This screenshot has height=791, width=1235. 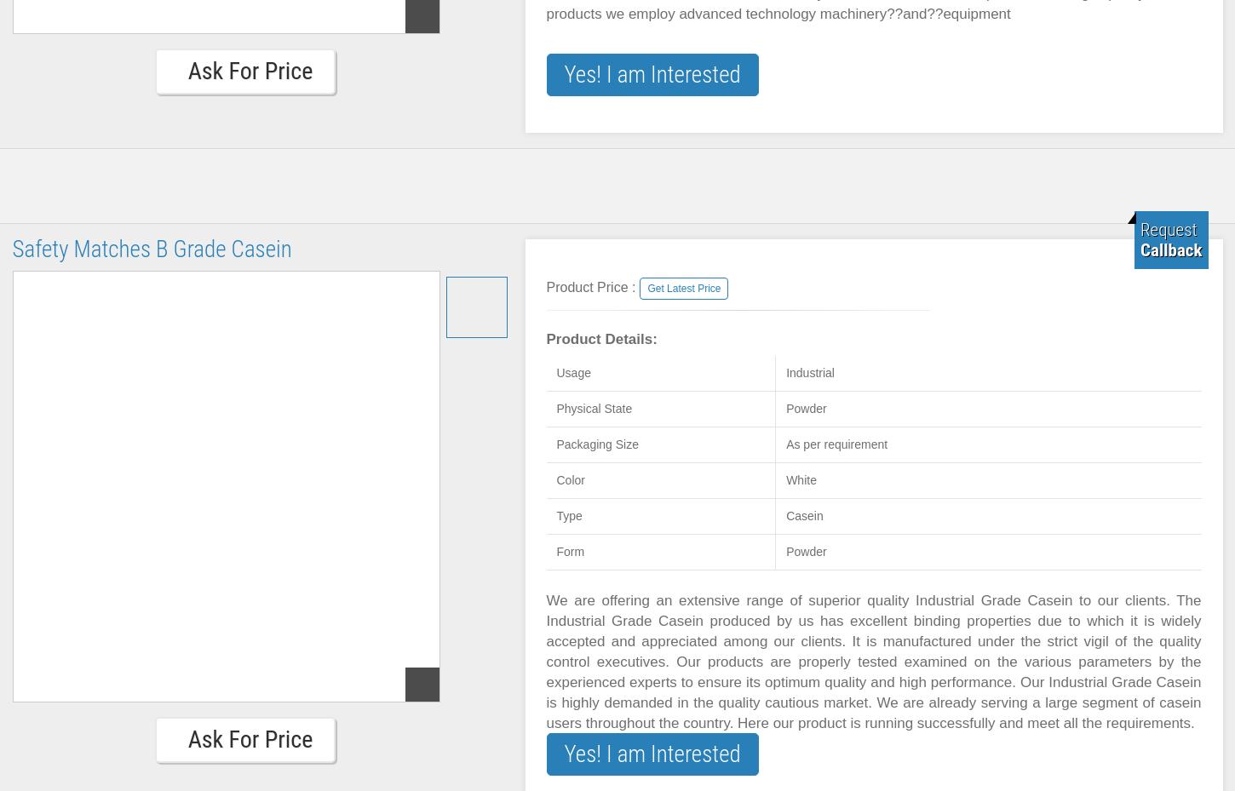 What do you see at coordinates (1139, 250) in the screenshot?
I see `'Callback'` at bounding box center [1139, 250].